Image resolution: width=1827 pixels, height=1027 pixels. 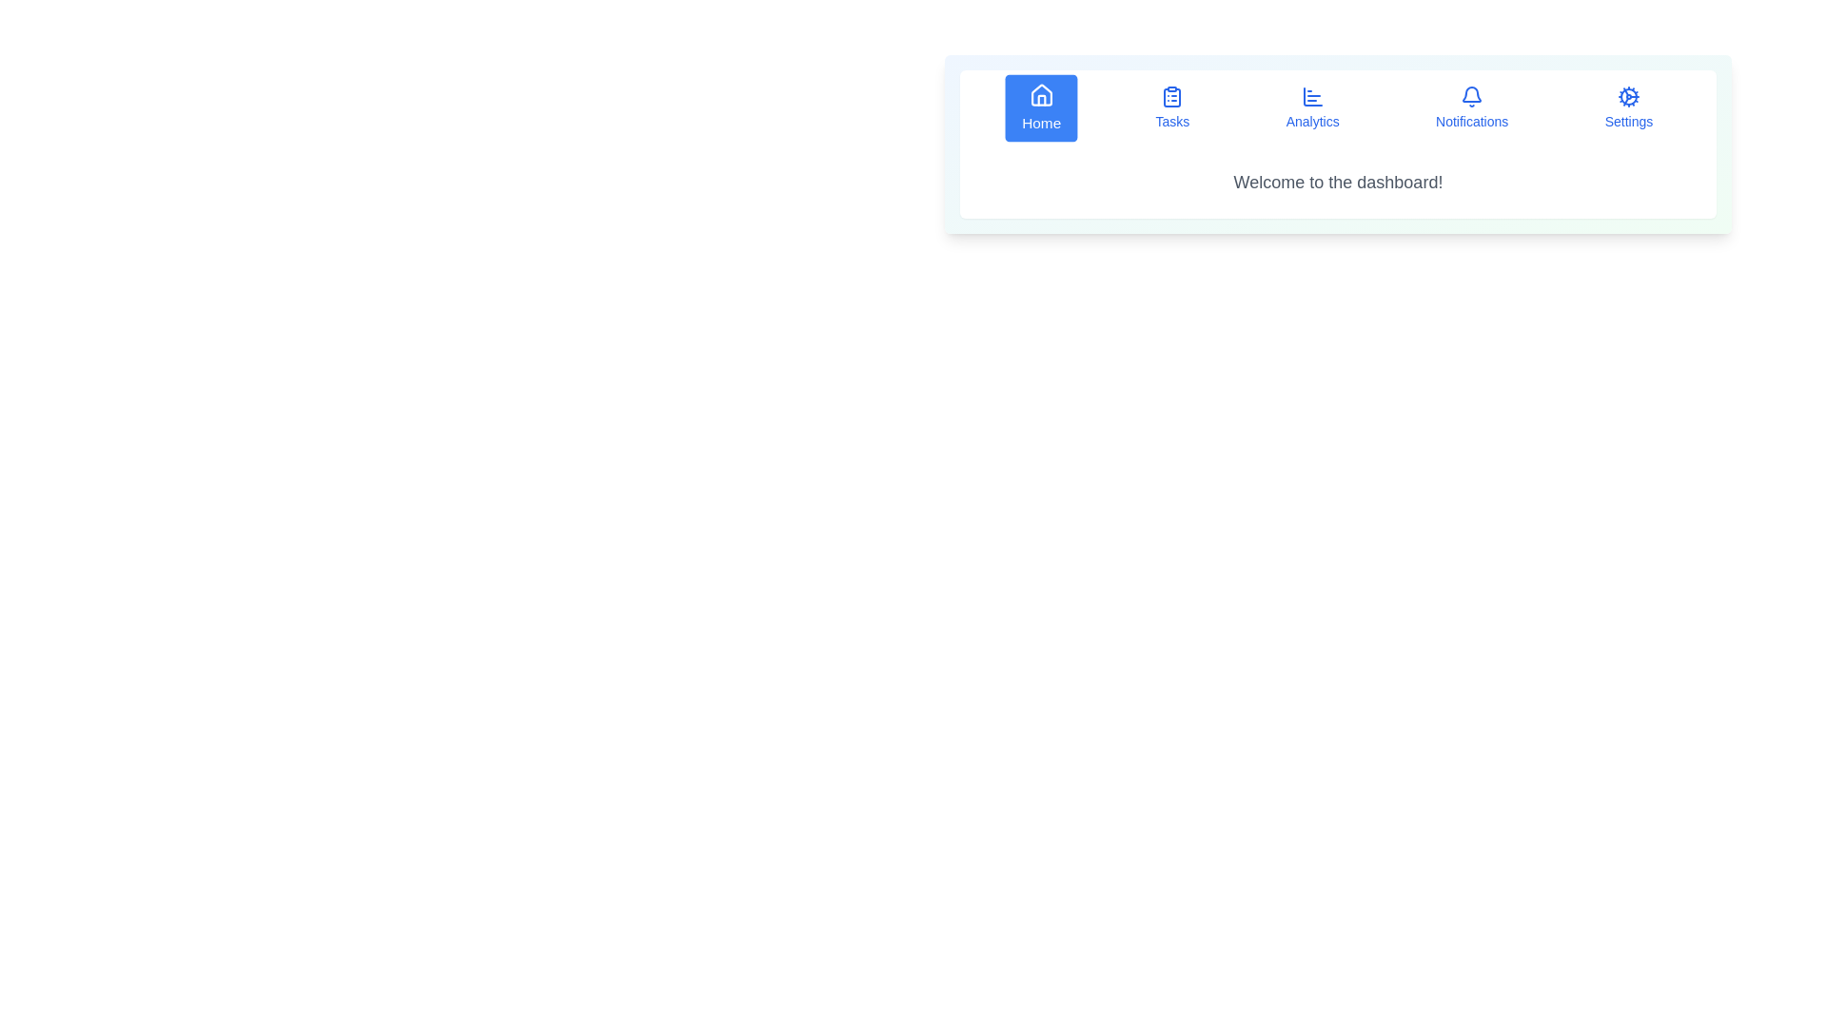 I want to click on the Tasks tab by clicking on its corresponding button, so click(x=1171, y=108).